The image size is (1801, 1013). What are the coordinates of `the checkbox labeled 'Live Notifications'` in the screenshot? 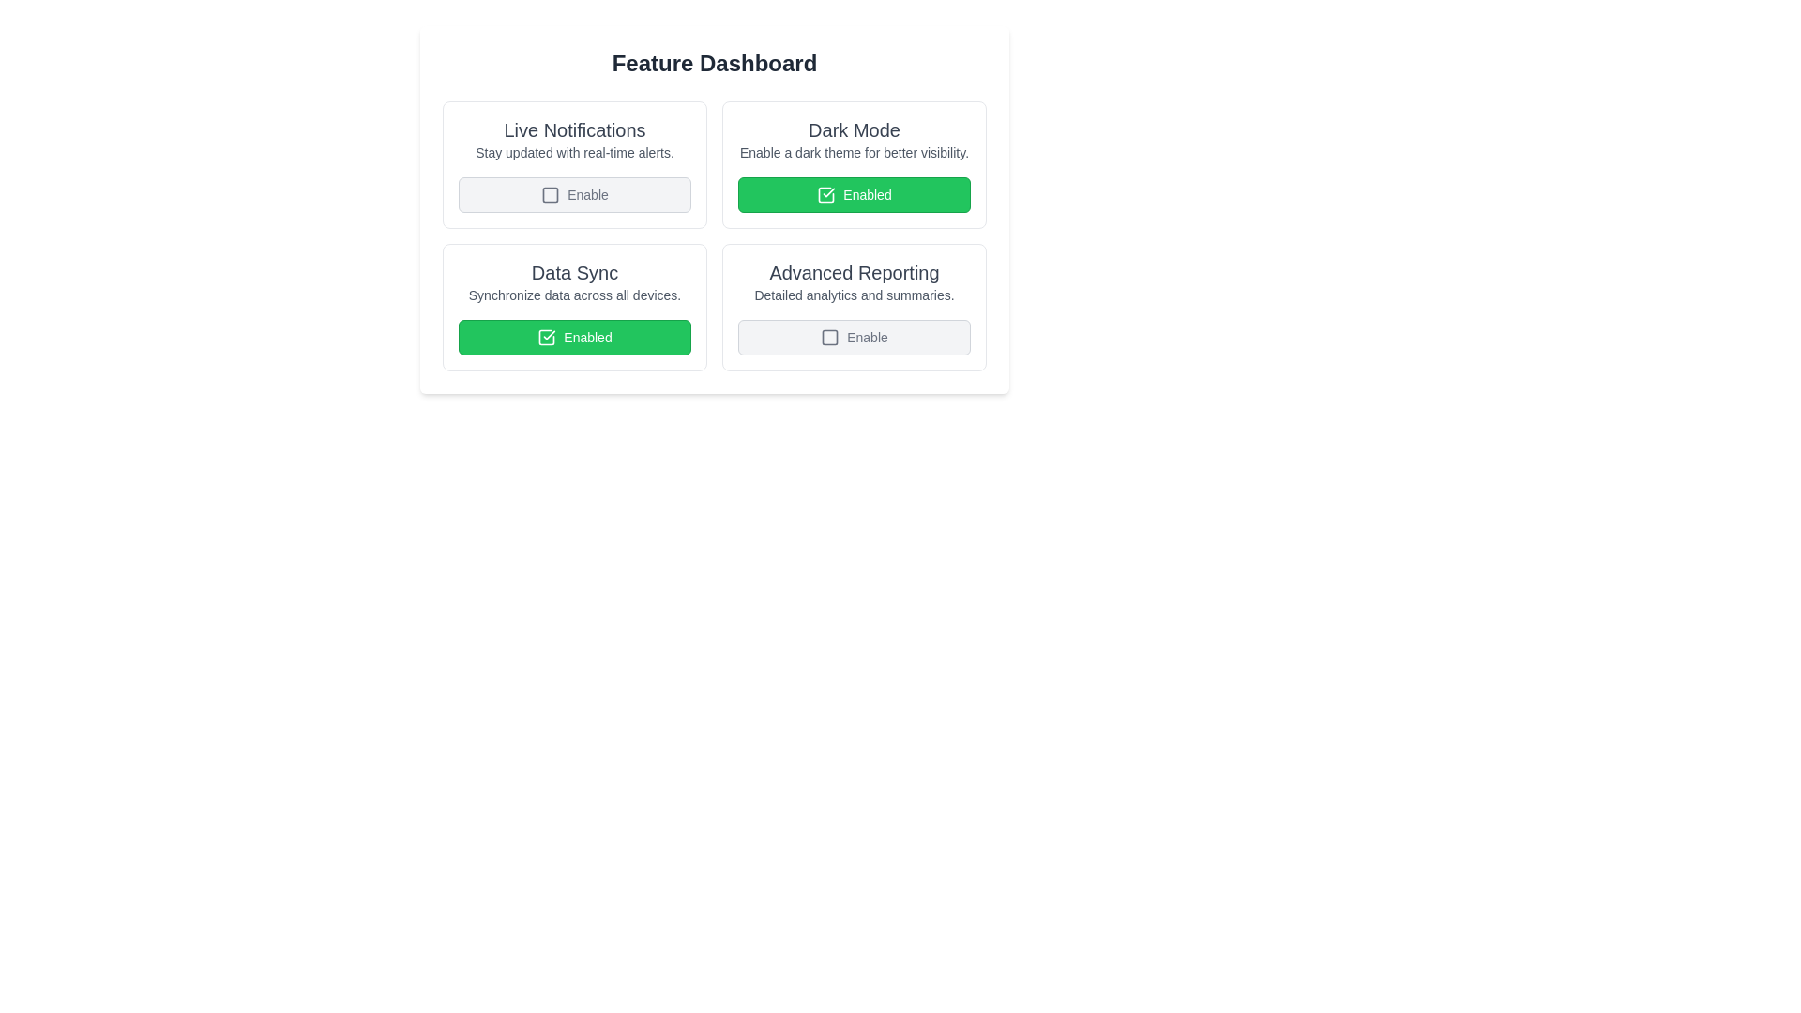 It's located at (574, 195).